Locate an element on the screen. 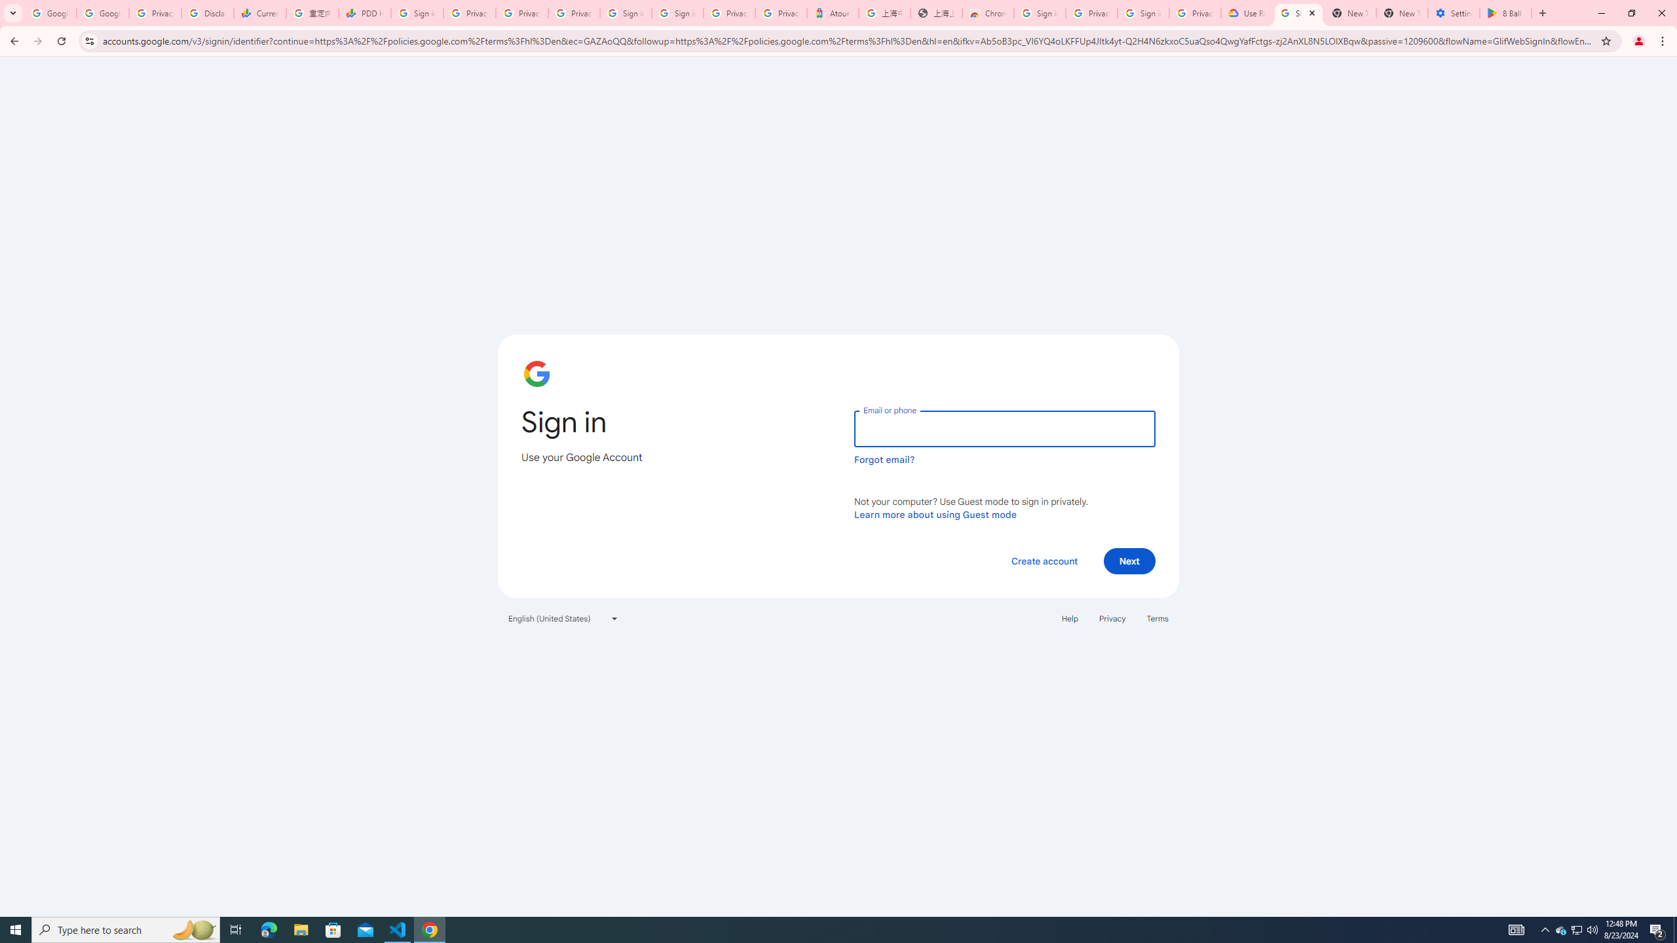  '8 Ball Pool - Apps on Google Play' is located at coordinates (1505, 12).